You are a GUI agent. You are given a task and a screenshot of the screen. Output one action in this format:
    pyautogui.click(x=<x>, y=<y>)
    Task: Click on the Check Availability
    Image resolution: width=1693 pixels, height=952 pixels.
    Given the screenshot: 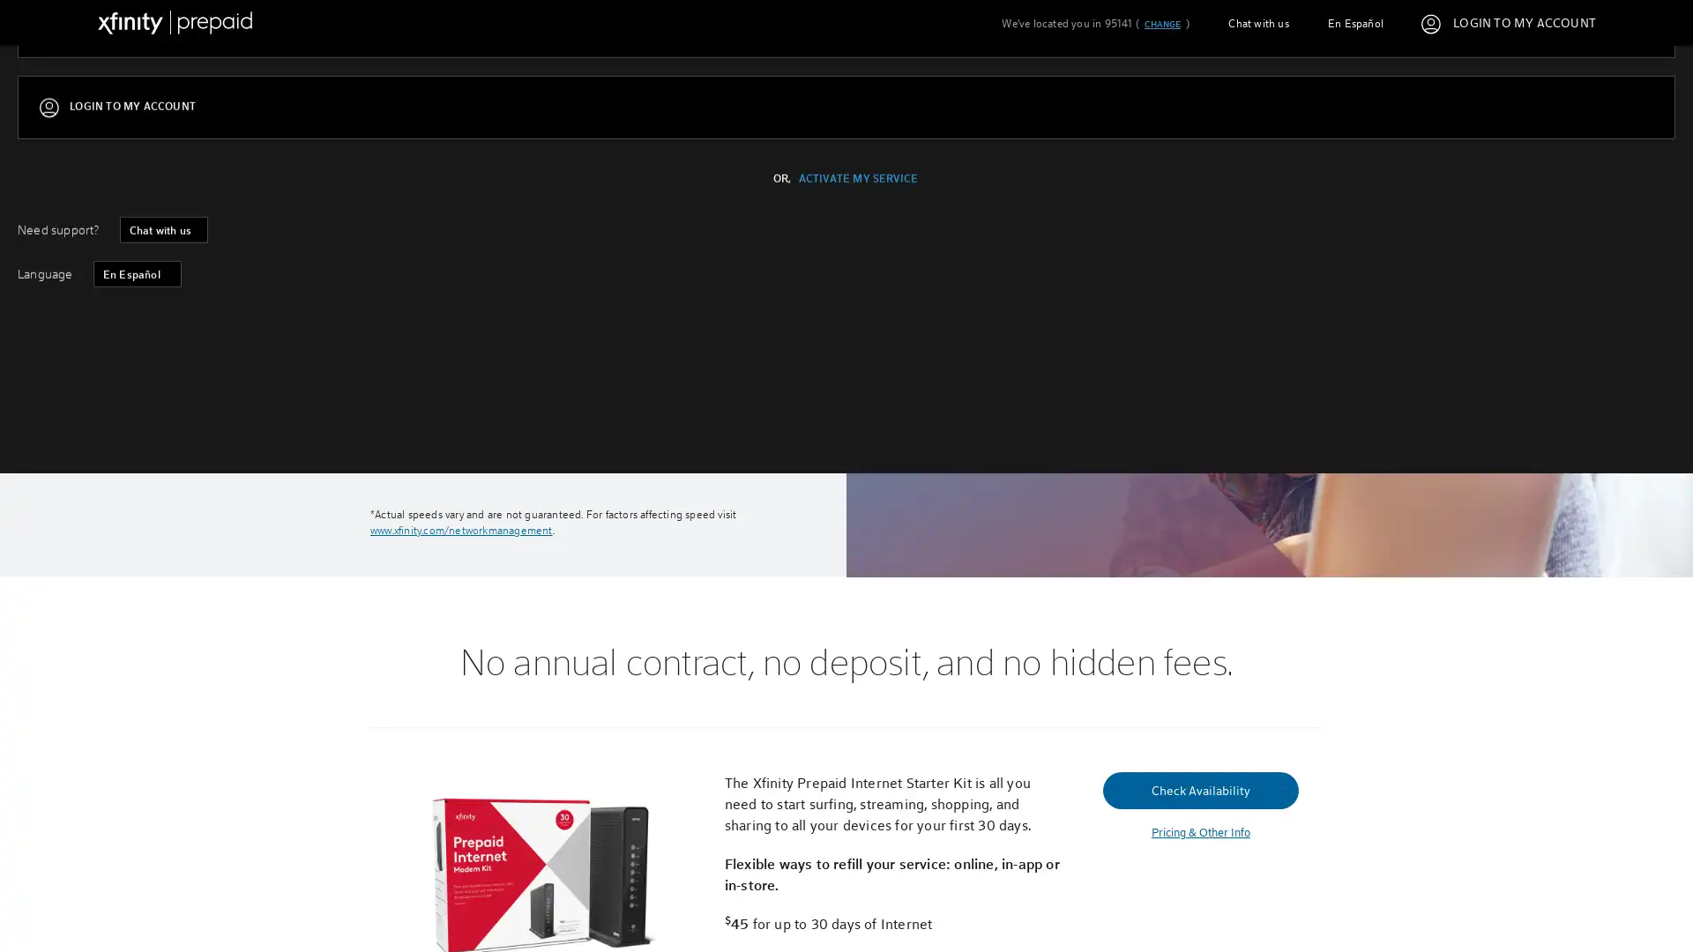 What is the action you would take?
    pyautogui.click(x=468, y=412)
    